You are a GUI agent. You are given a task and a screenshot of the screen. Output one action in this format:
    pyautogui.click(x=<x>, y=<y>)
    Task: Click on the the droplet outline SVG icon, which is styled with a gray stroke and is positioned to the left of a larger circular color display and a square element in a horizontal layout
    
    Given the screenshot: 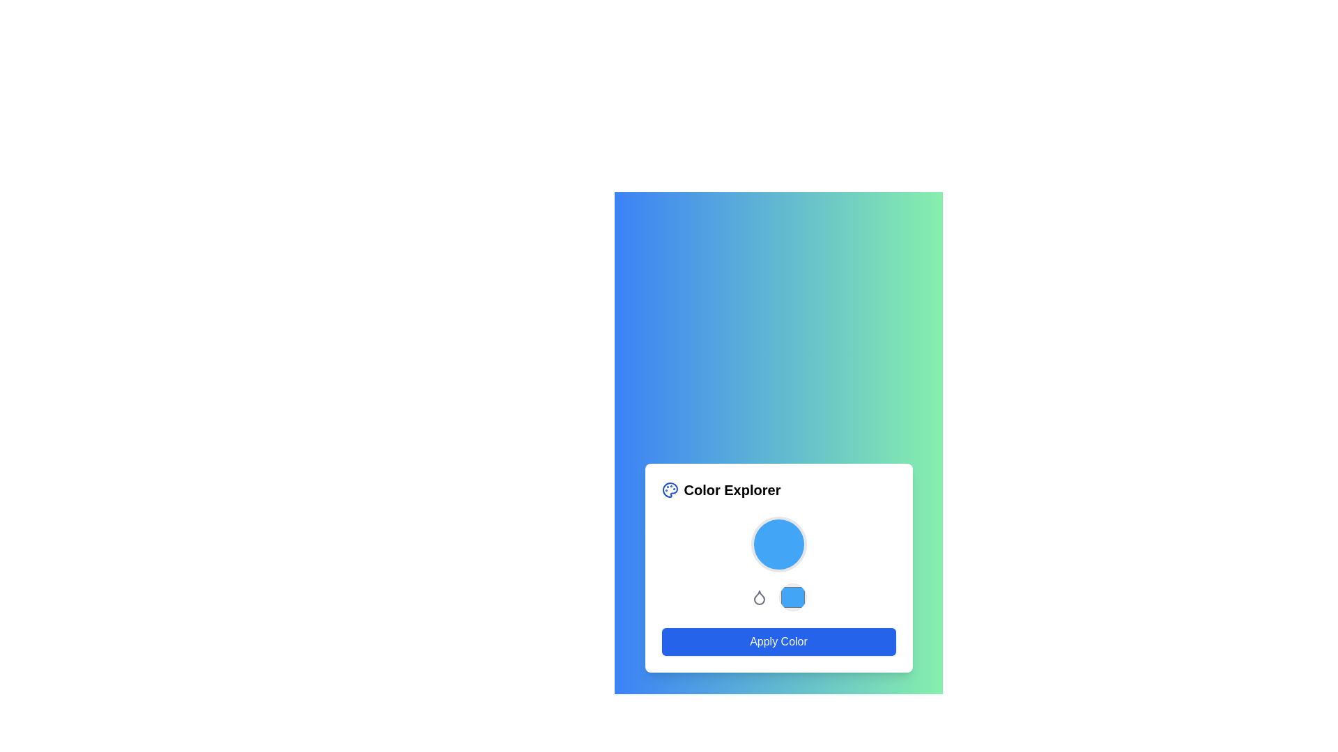 What is the action you would take?
    pyautogui.click(x=758, y=596)
    